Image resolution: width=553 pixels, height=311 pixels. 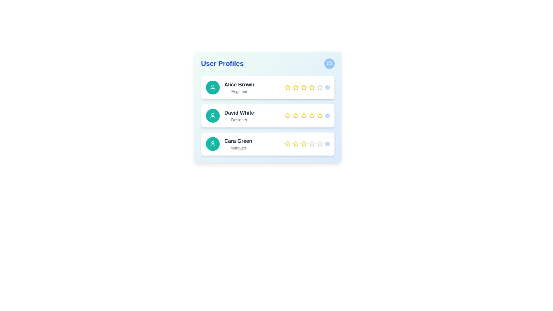 What do you see at coordinates (268, 144) in the screenshot?
I see `the light blue circular action button on the User profile card for 'Cara Green', which is the third item in the vertical list of user profiles` at bounding box center [268, 144].